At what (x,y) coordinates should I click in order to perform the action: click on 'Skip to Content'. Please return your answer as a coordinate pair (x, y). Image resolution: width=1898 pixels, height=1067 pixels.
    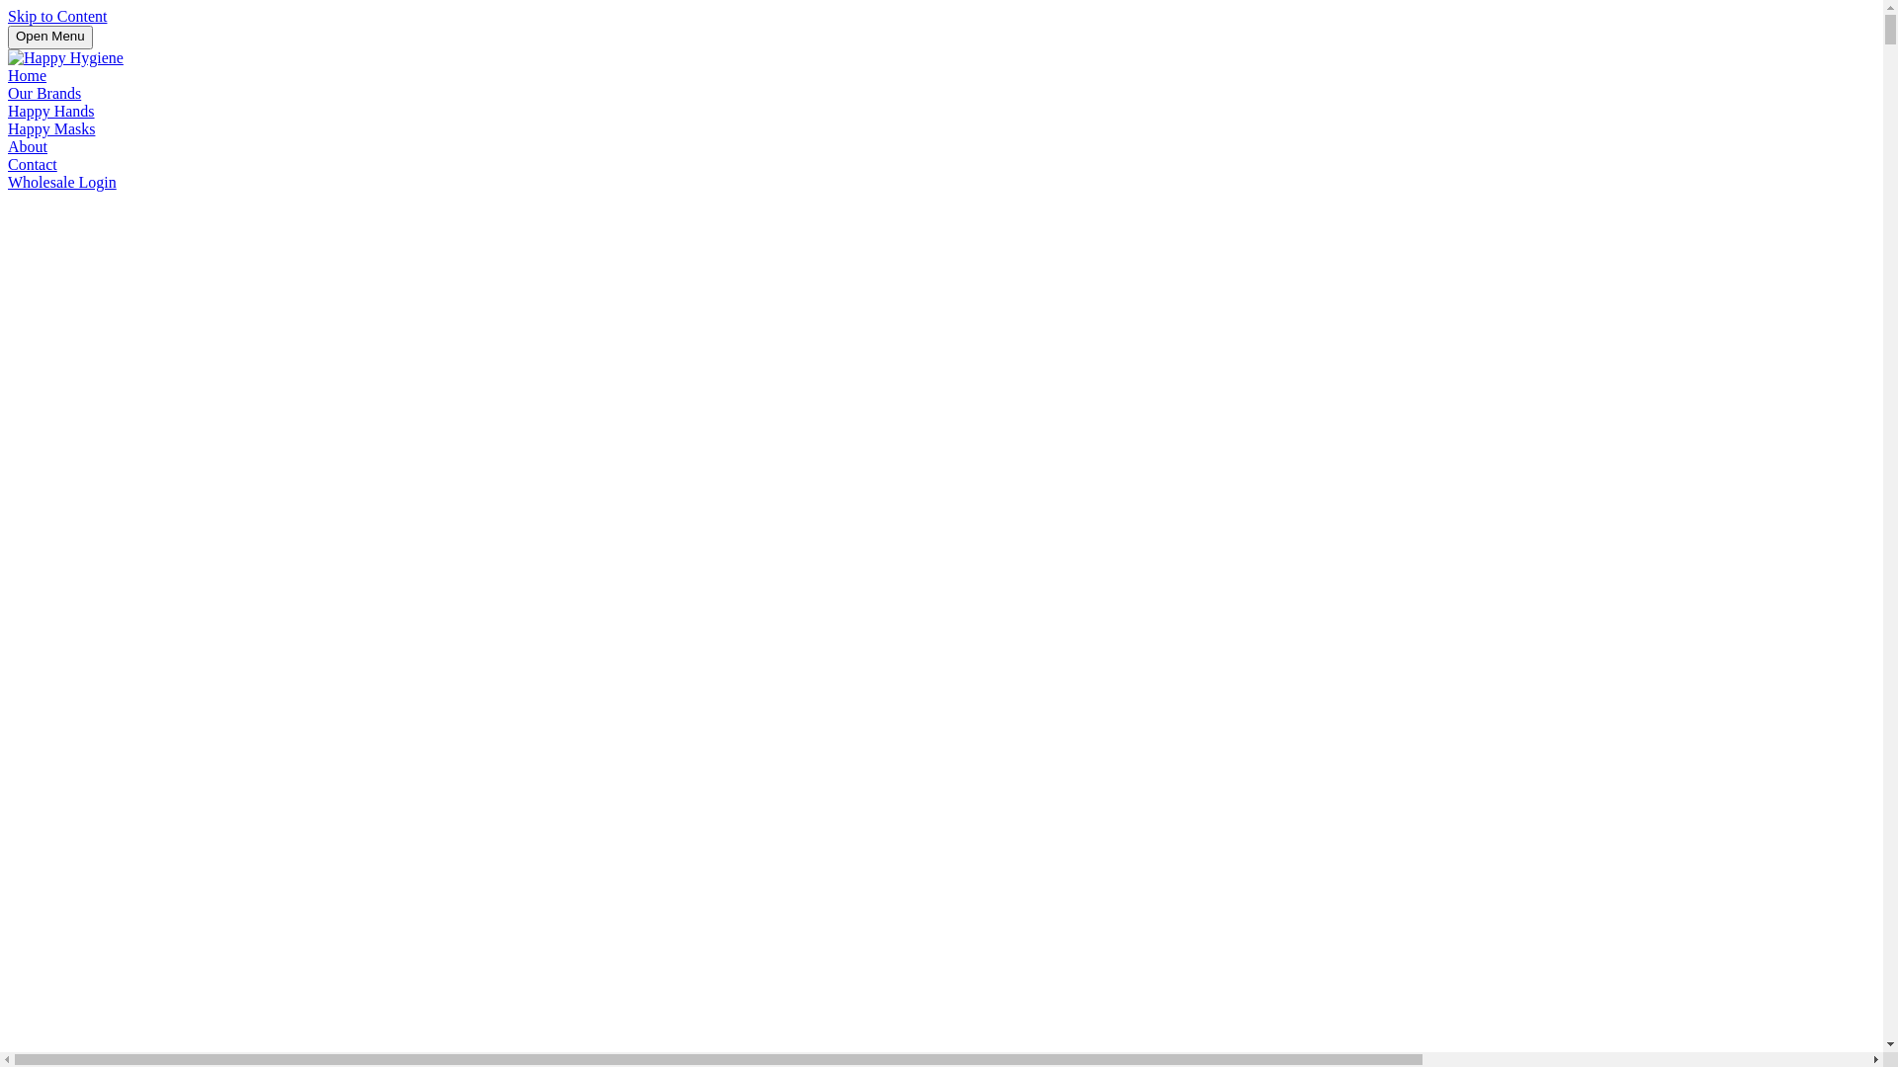
    Looking at the image, I should click on (56, 16).